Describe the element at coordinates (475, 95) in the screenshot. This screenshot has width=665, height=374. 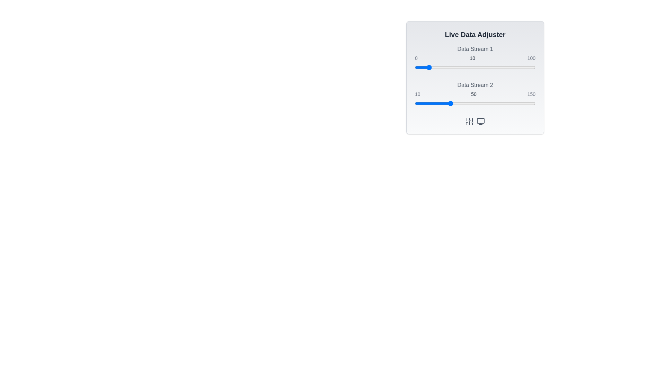
I see `the Interactive range slider labeled 'Data Stream 2' at its center position to adjust its value` at that location.